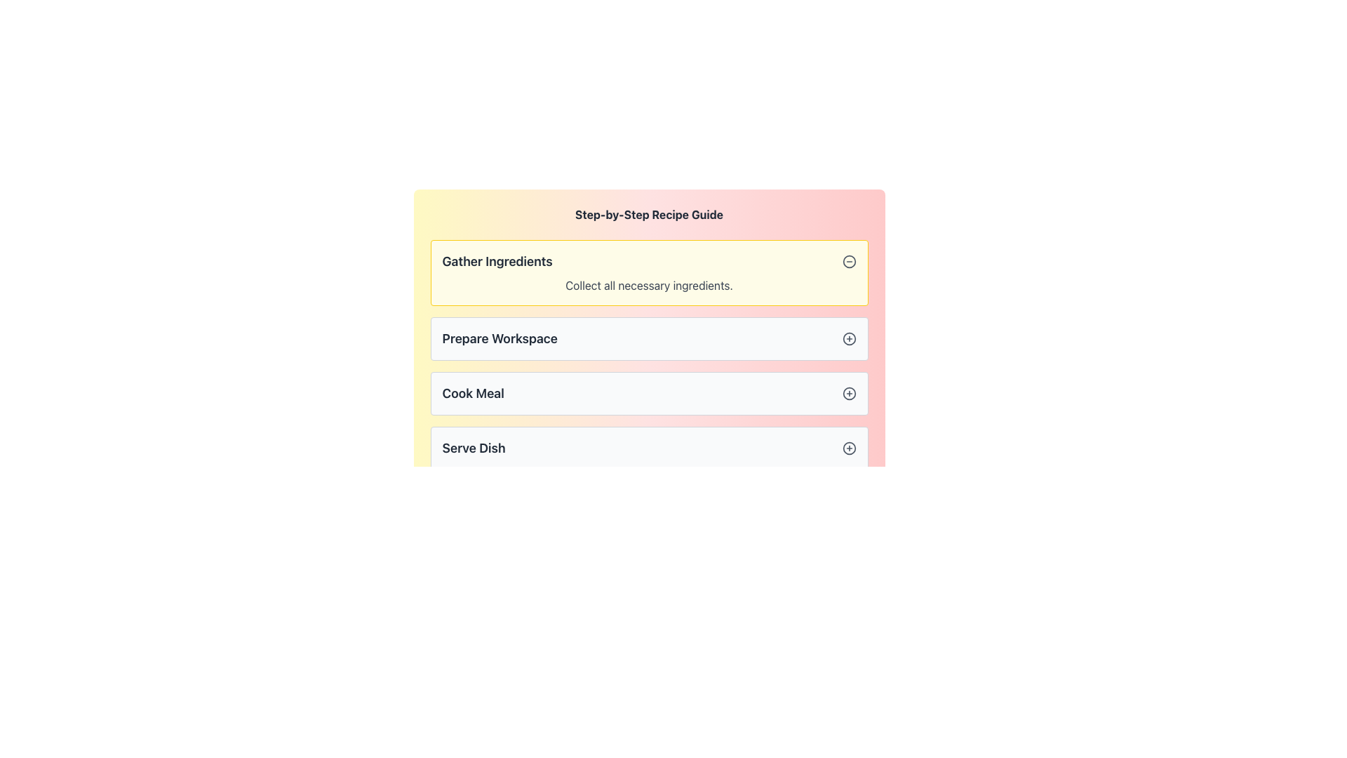 This screenshot has height=758, width=1347. Describe the element at coordinates (648, 393) in the screenshot. I see `the 'Cook Meal' step in the step-by-step recipe guide` at that location.